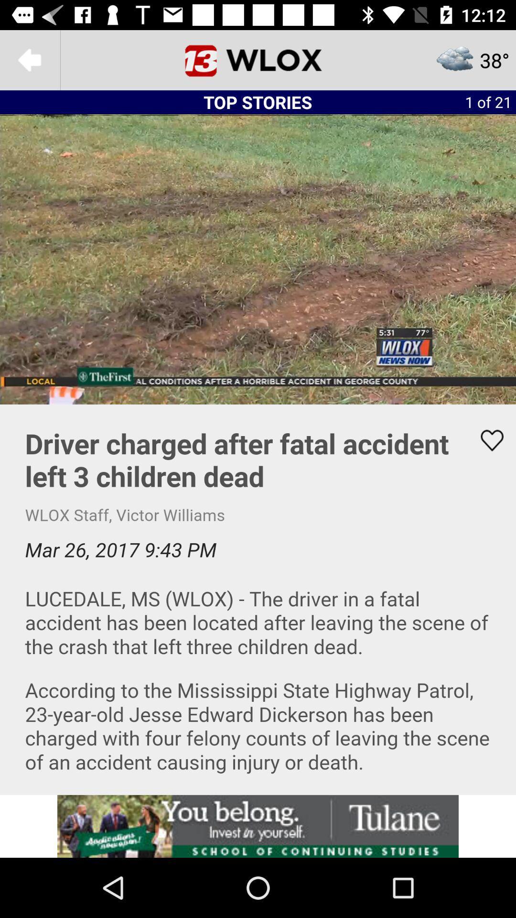 The image size is (516, 918). I want to click on main article, so click(258, 599).